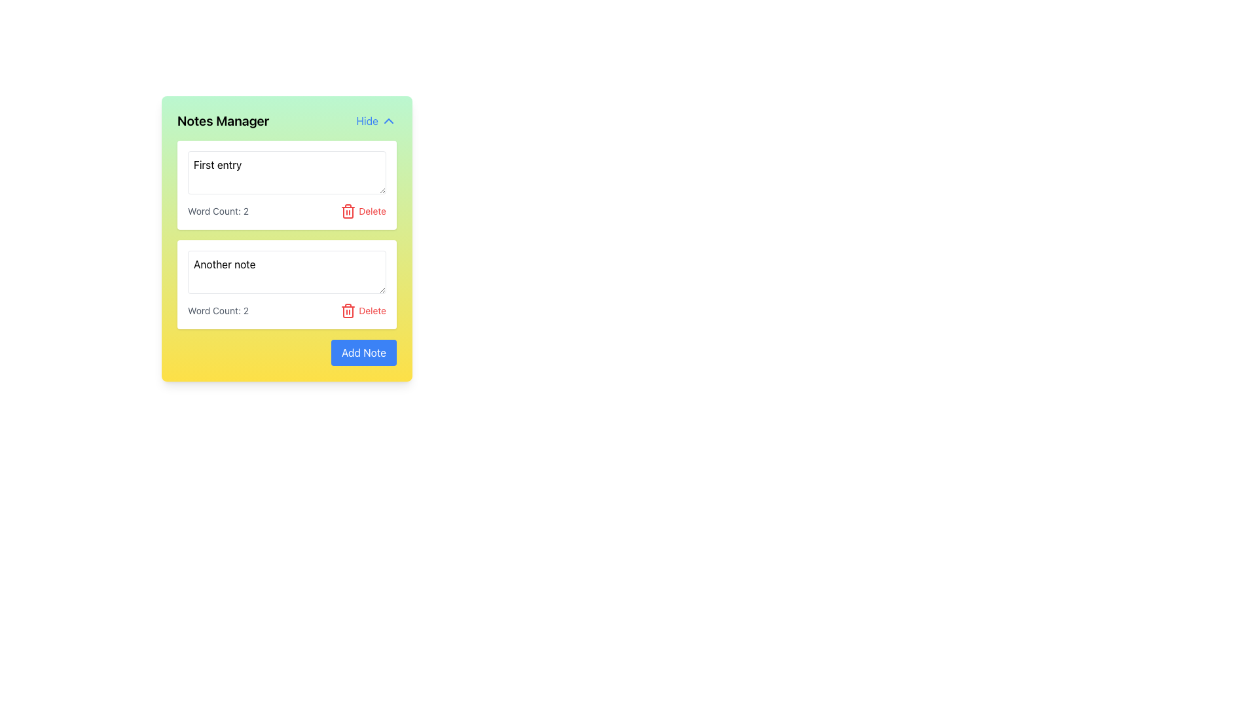 This screenshot has height=707, width=1257. I want to click on the red delete button with a trash can icon and the word 'Delete', so click(363, 211).